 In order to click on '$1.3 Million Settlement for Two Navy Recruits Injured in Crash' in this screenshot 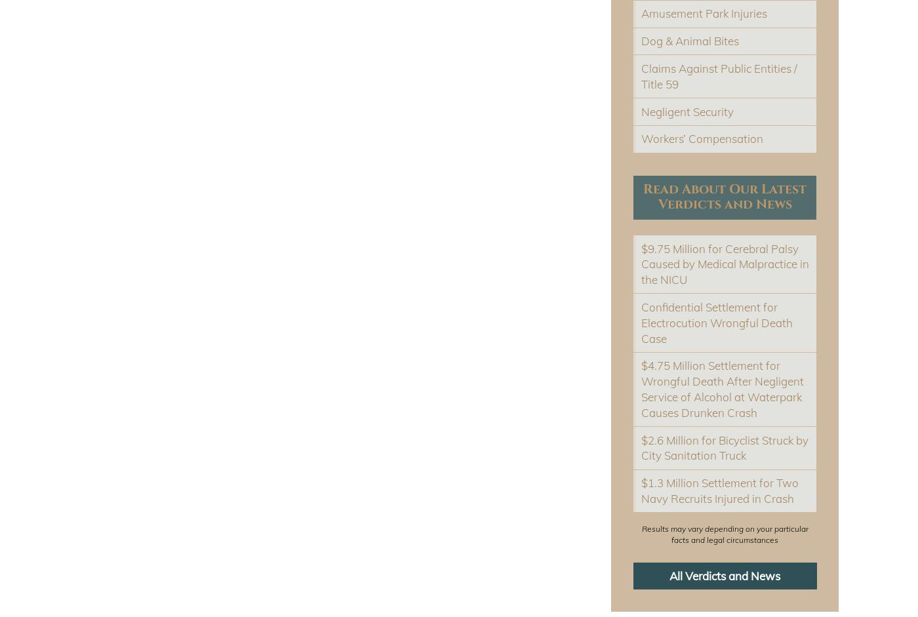, I will do `click(720, 490)`.